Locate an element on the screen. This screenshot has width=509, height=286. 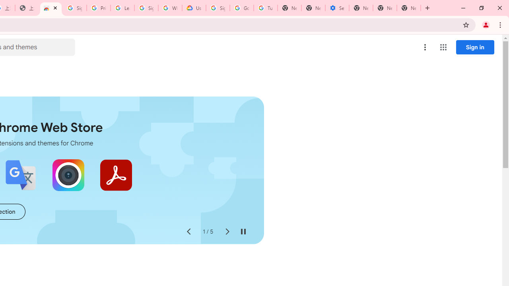
'Adobe Acrobat: PDF edit, convert, sign tools' is located at coordinates (115, 175).